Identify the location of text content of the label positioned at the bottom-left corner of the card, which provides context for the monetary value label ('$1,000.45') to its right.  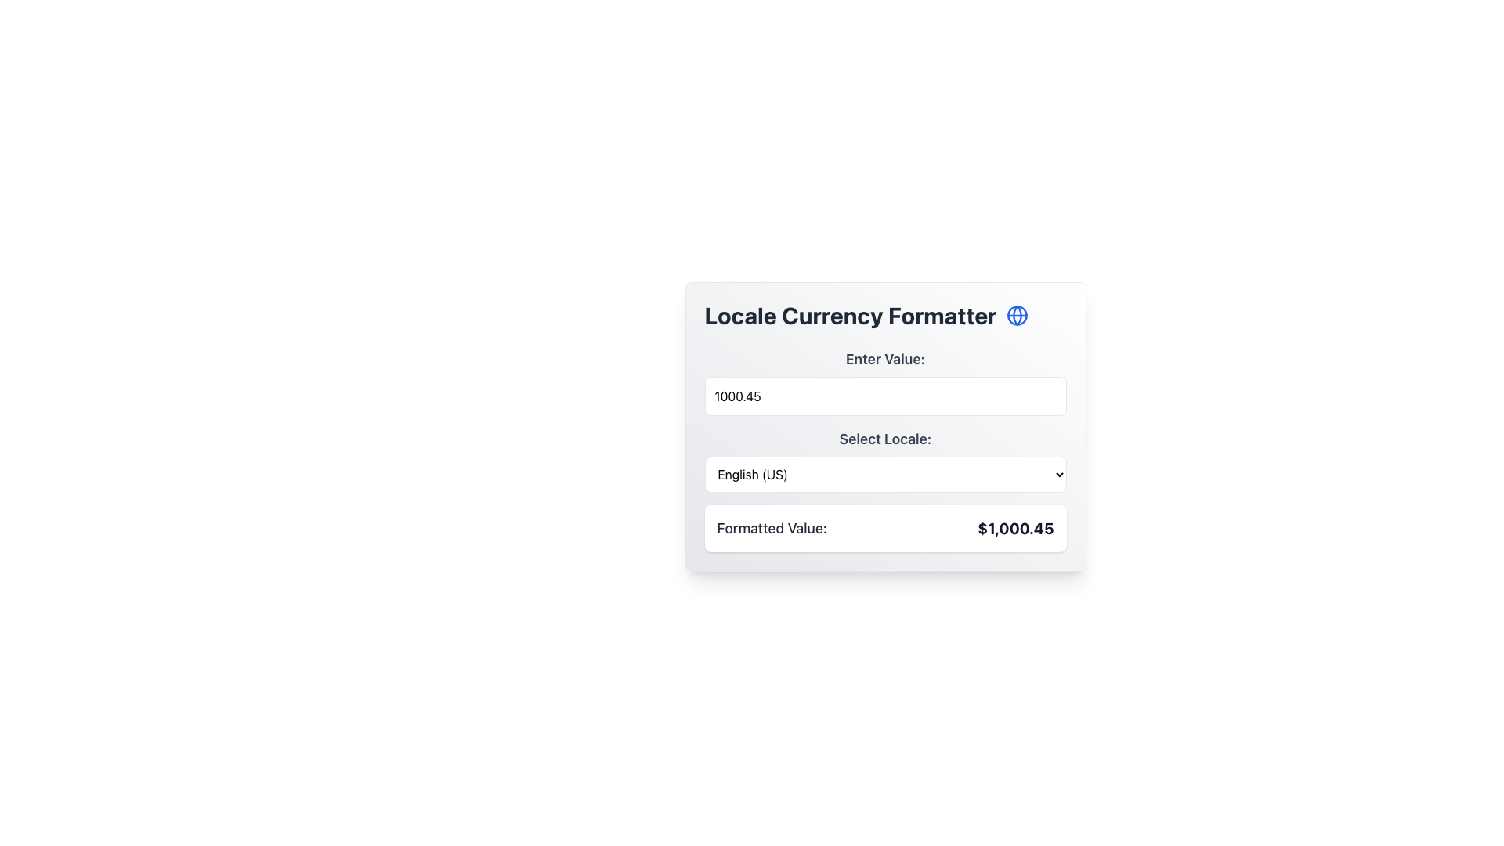
(772, 529).